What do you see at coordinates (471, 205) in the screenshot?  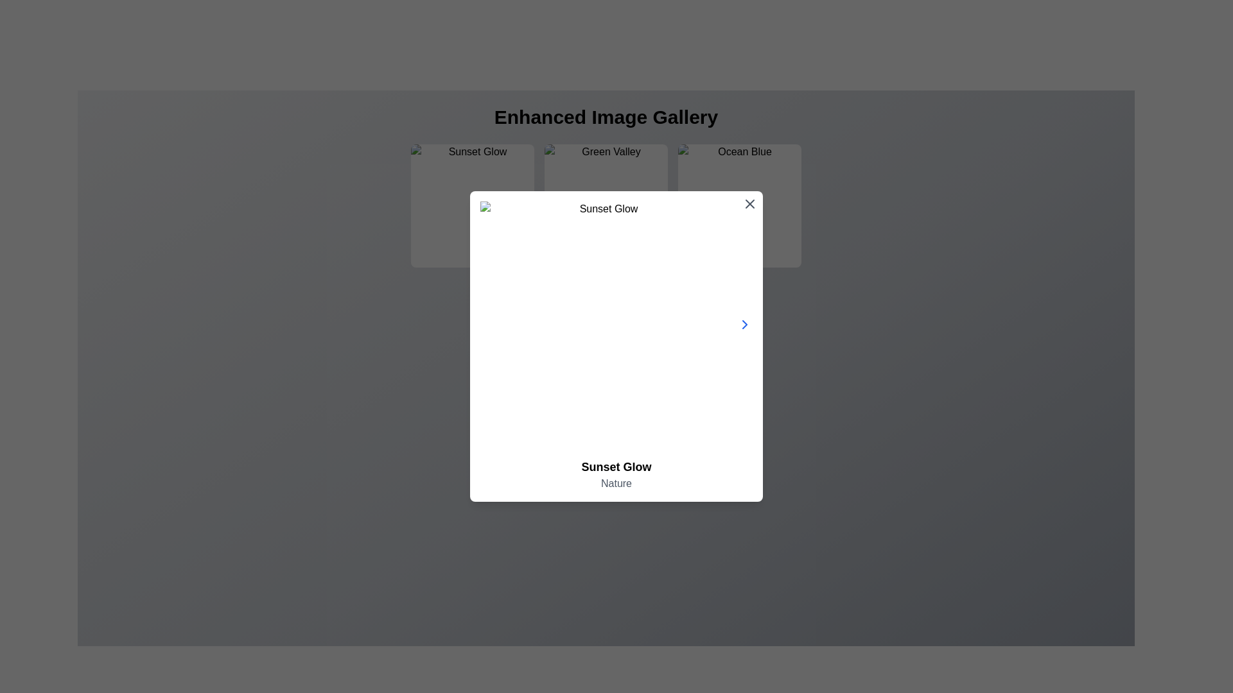 I see `the first interactive card in the horizontally arranged list` at bounding box center [471, 205].